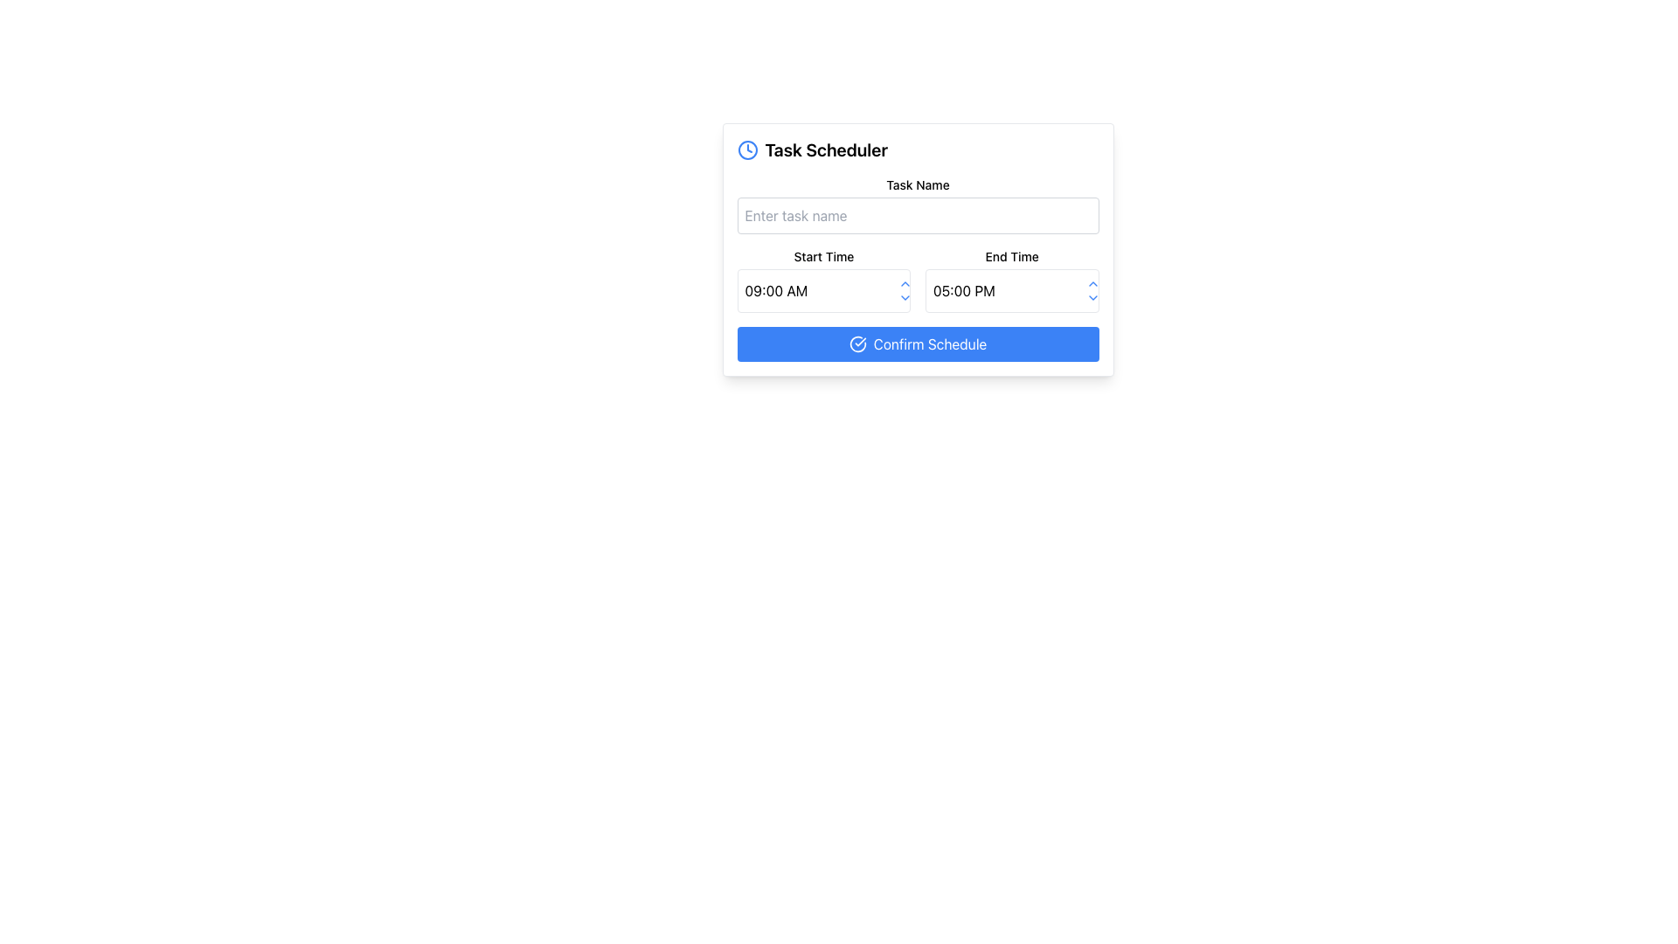 The width and height of the screenshot is (1678, 944). Describe the element at coordinates (917, 279) in the screenshot. I see `the 'Start Time' input box located` at that location.